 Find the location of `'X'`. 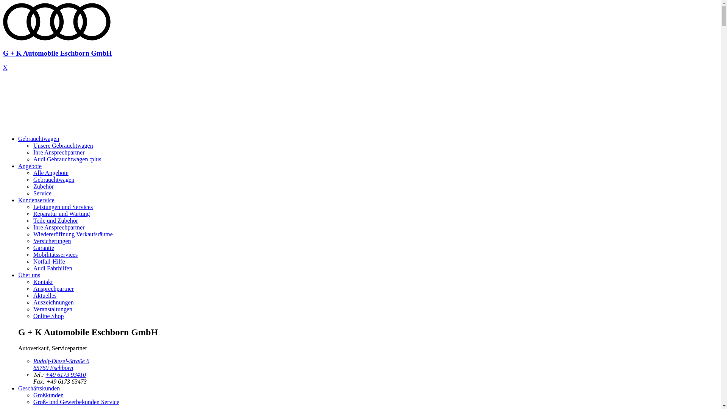

'X' is located at coordinates (5, 67).